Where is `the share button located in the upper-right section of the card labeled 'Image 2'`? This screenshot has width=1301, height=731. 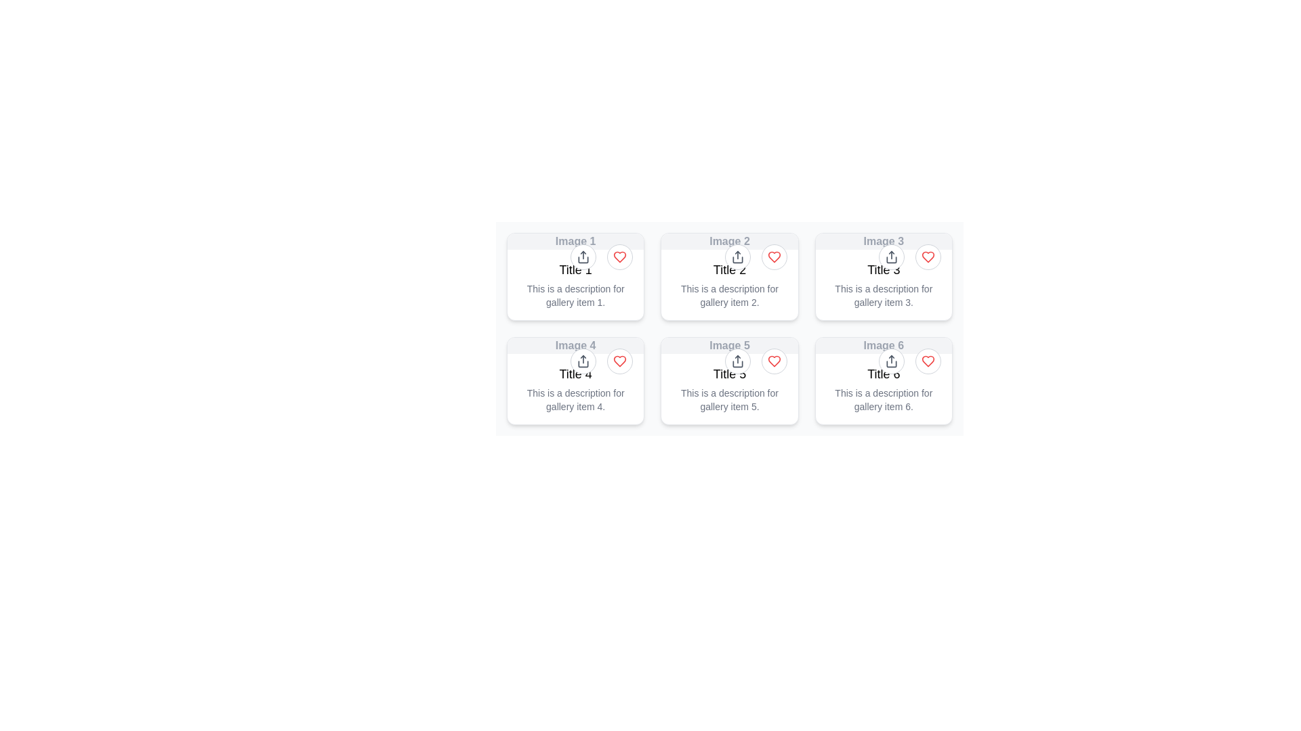
the share button located in the upper-right section of the card labeled 'Image 2' is located at coordinates (737, 257).